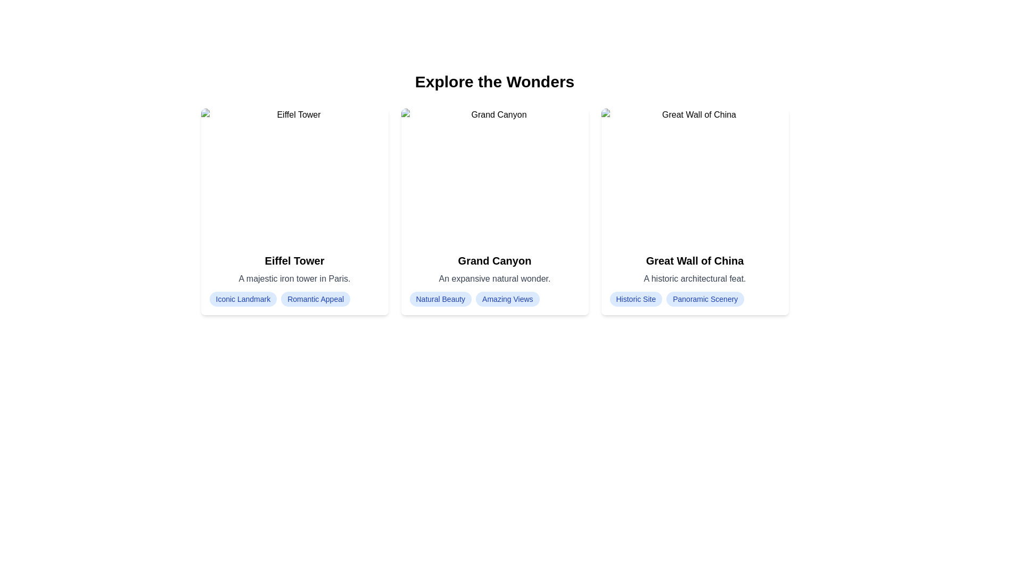 This screenshot has height=575, width=1022. What do you see at coordinates (695, 176) in the screenshot?
I see `the image of the Great Wall of China located in the third card titled 'Great Wall of China' to observe the scaling effect` at bounding box center [695, 176].